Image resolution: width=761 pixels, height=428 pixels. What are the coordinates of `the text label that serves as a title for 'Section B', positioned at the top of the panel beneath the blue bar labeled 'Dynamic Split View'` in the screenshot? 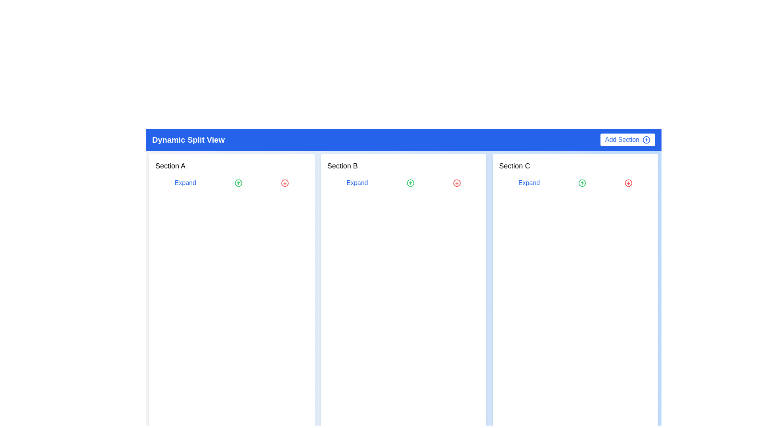 It's located at (342, 166).